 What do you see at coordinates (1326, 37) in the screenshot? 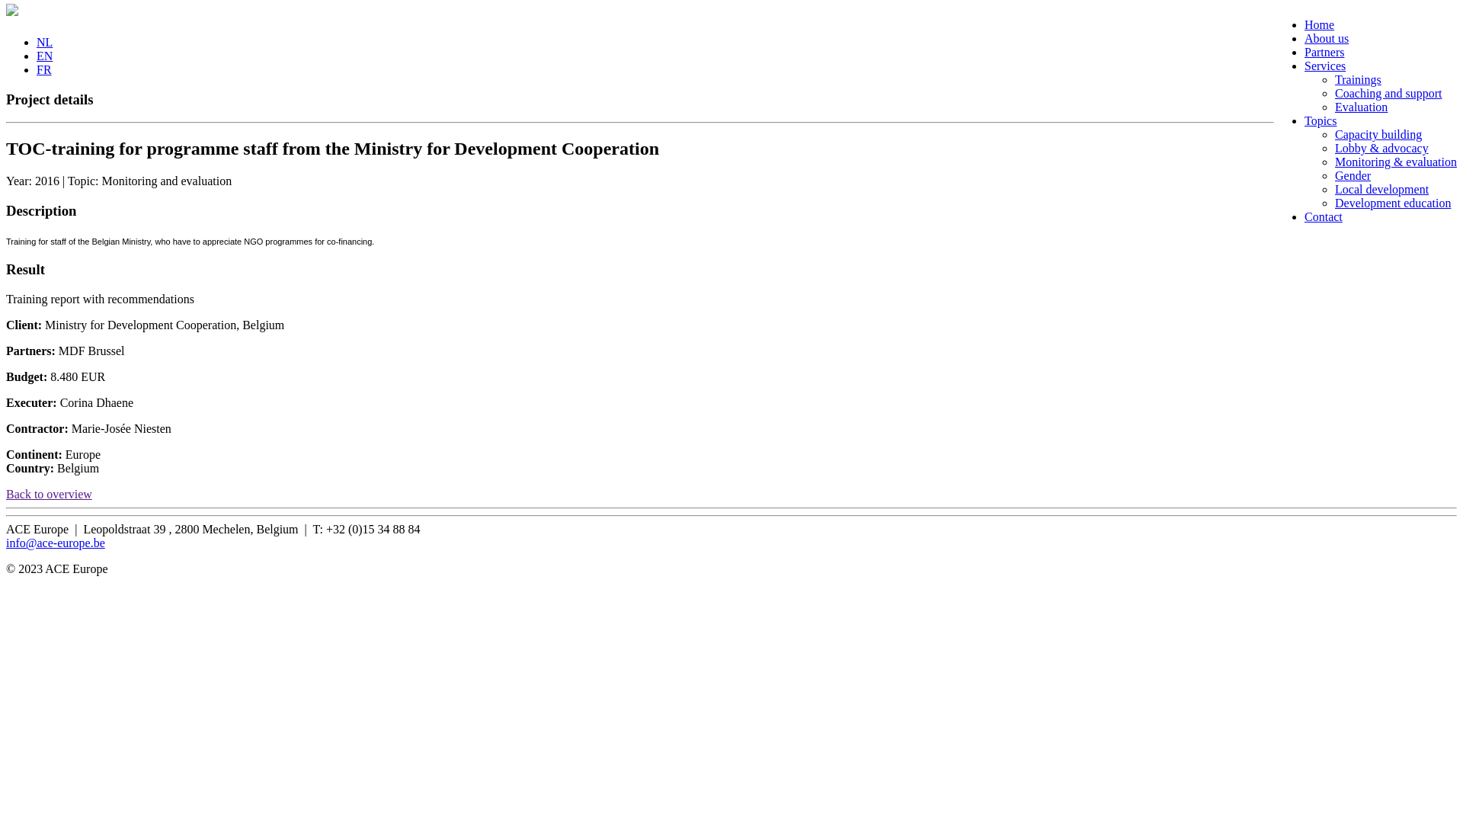
I see `'About us'` at bounding box center [1326, 37].